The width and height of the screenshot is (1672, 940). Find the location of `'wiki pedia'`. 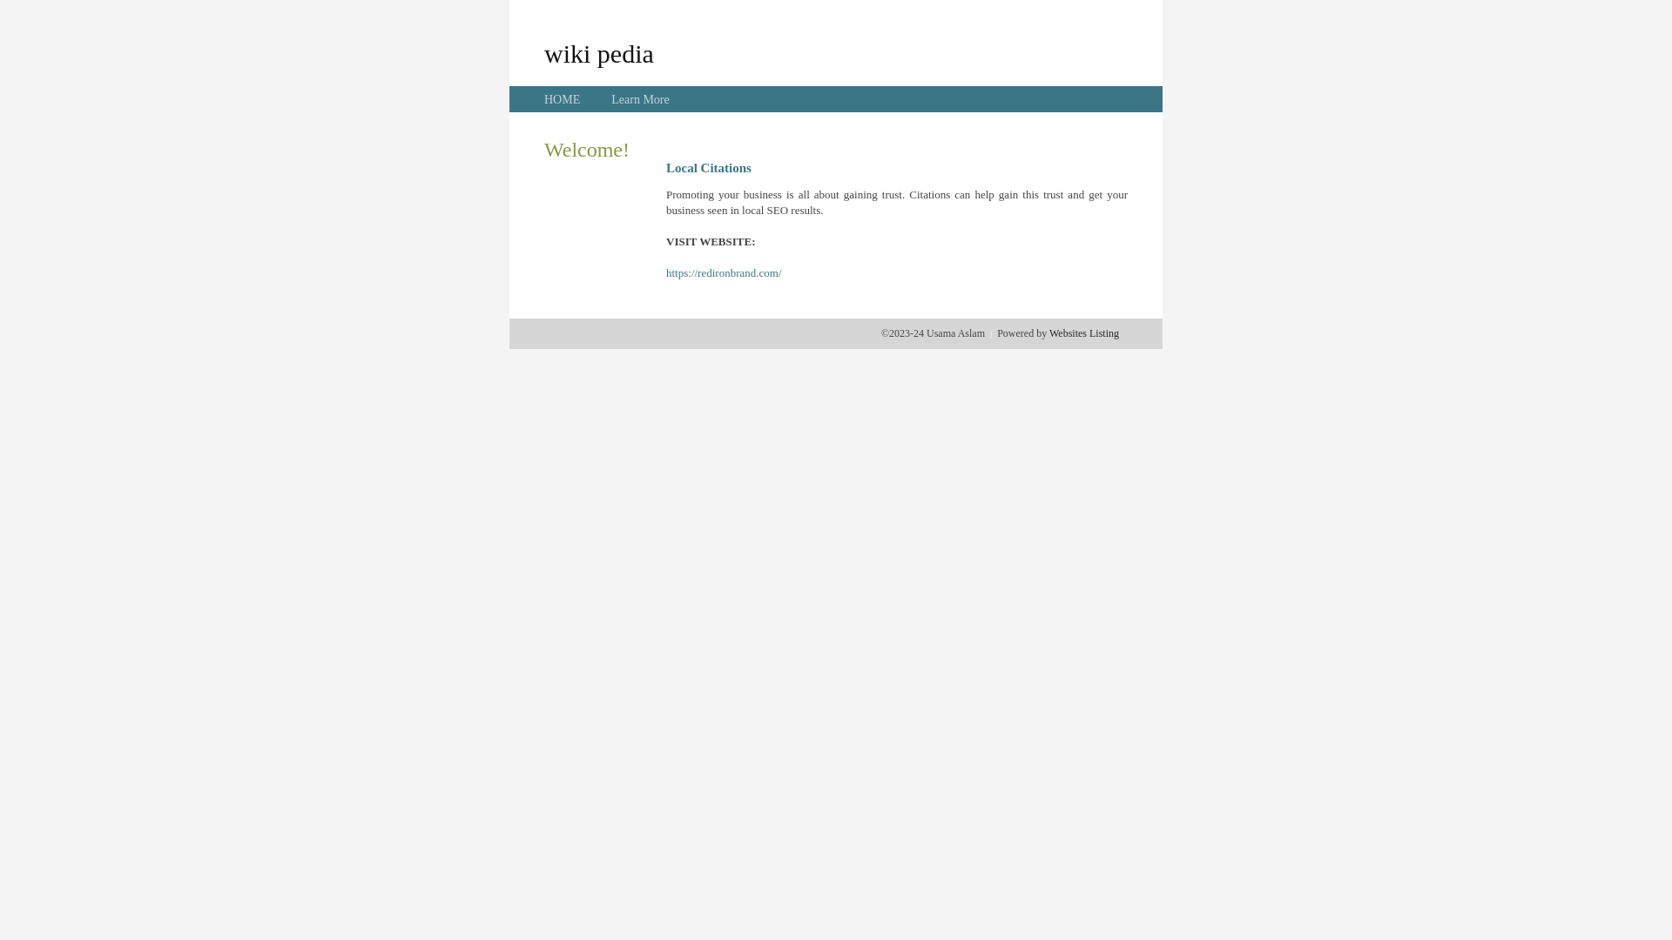

'wiki pedia' is located at coordinates (543, 52).